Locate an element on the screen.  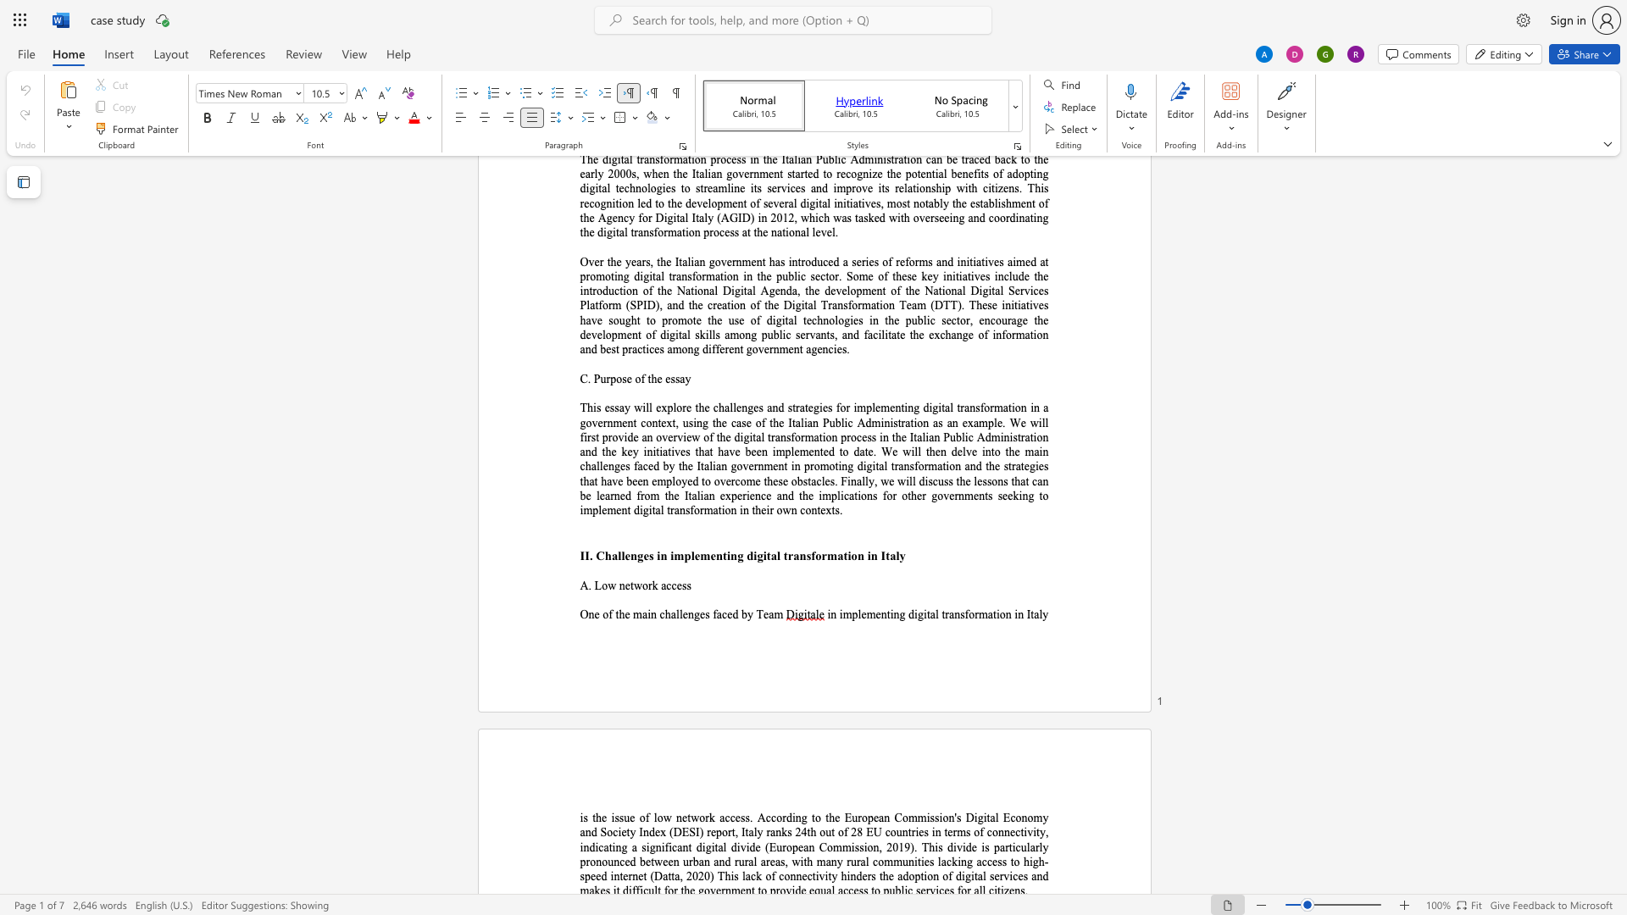
the space between the continuous character "a" and "s" in the text is located at coordinates (779, 862).